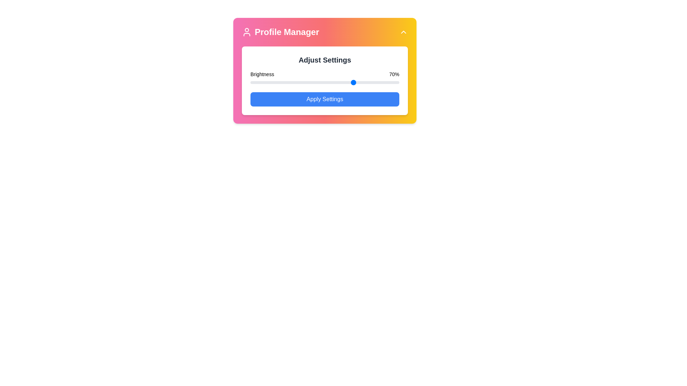 The width and height of the screenshot is (687, 386). Describe the element at coordinates (277, 82) in the screenshot. I see `brightness` at that location.